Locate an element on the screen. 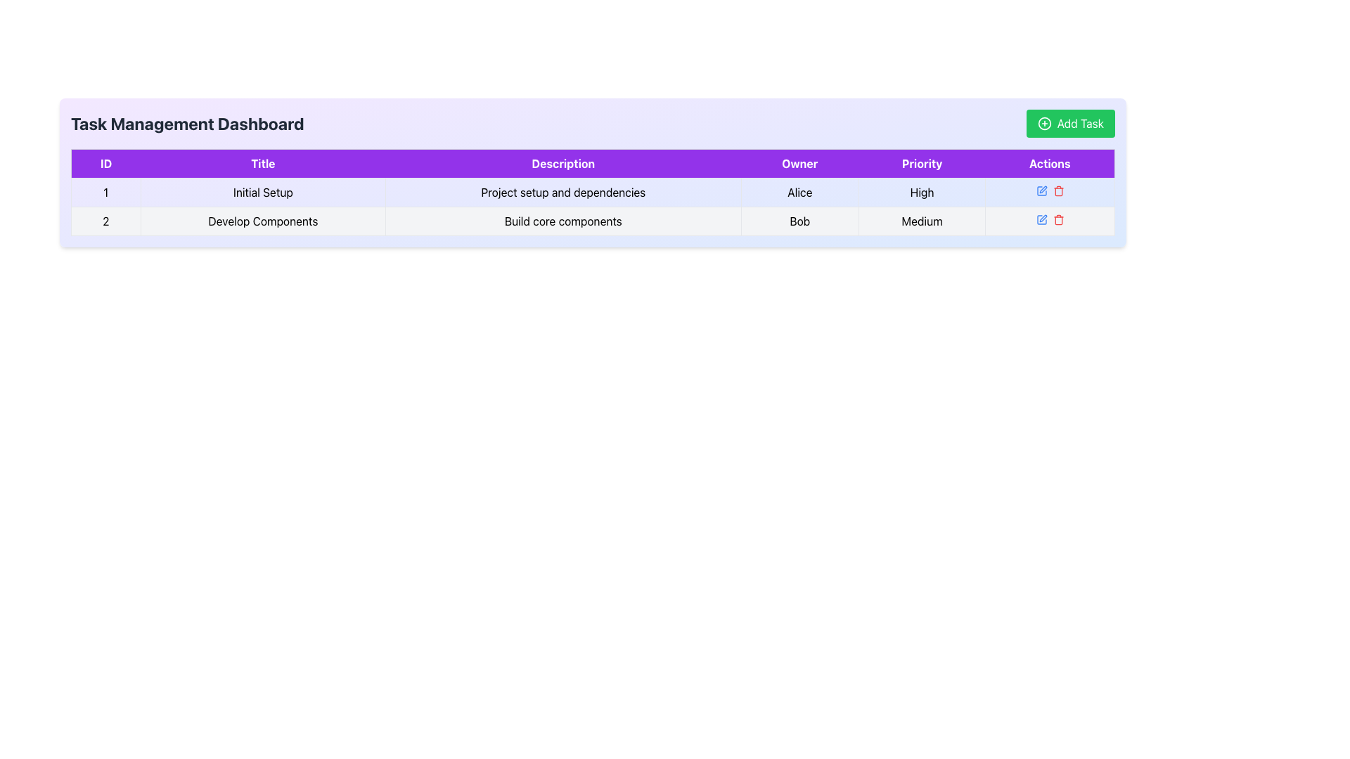 The image size is (1350, 759). the Table Header element that indicates the associated data in the column pertains to IDs, located at the top-left corner of the table structure under the dashboard title is located at coordinates (105, 162).